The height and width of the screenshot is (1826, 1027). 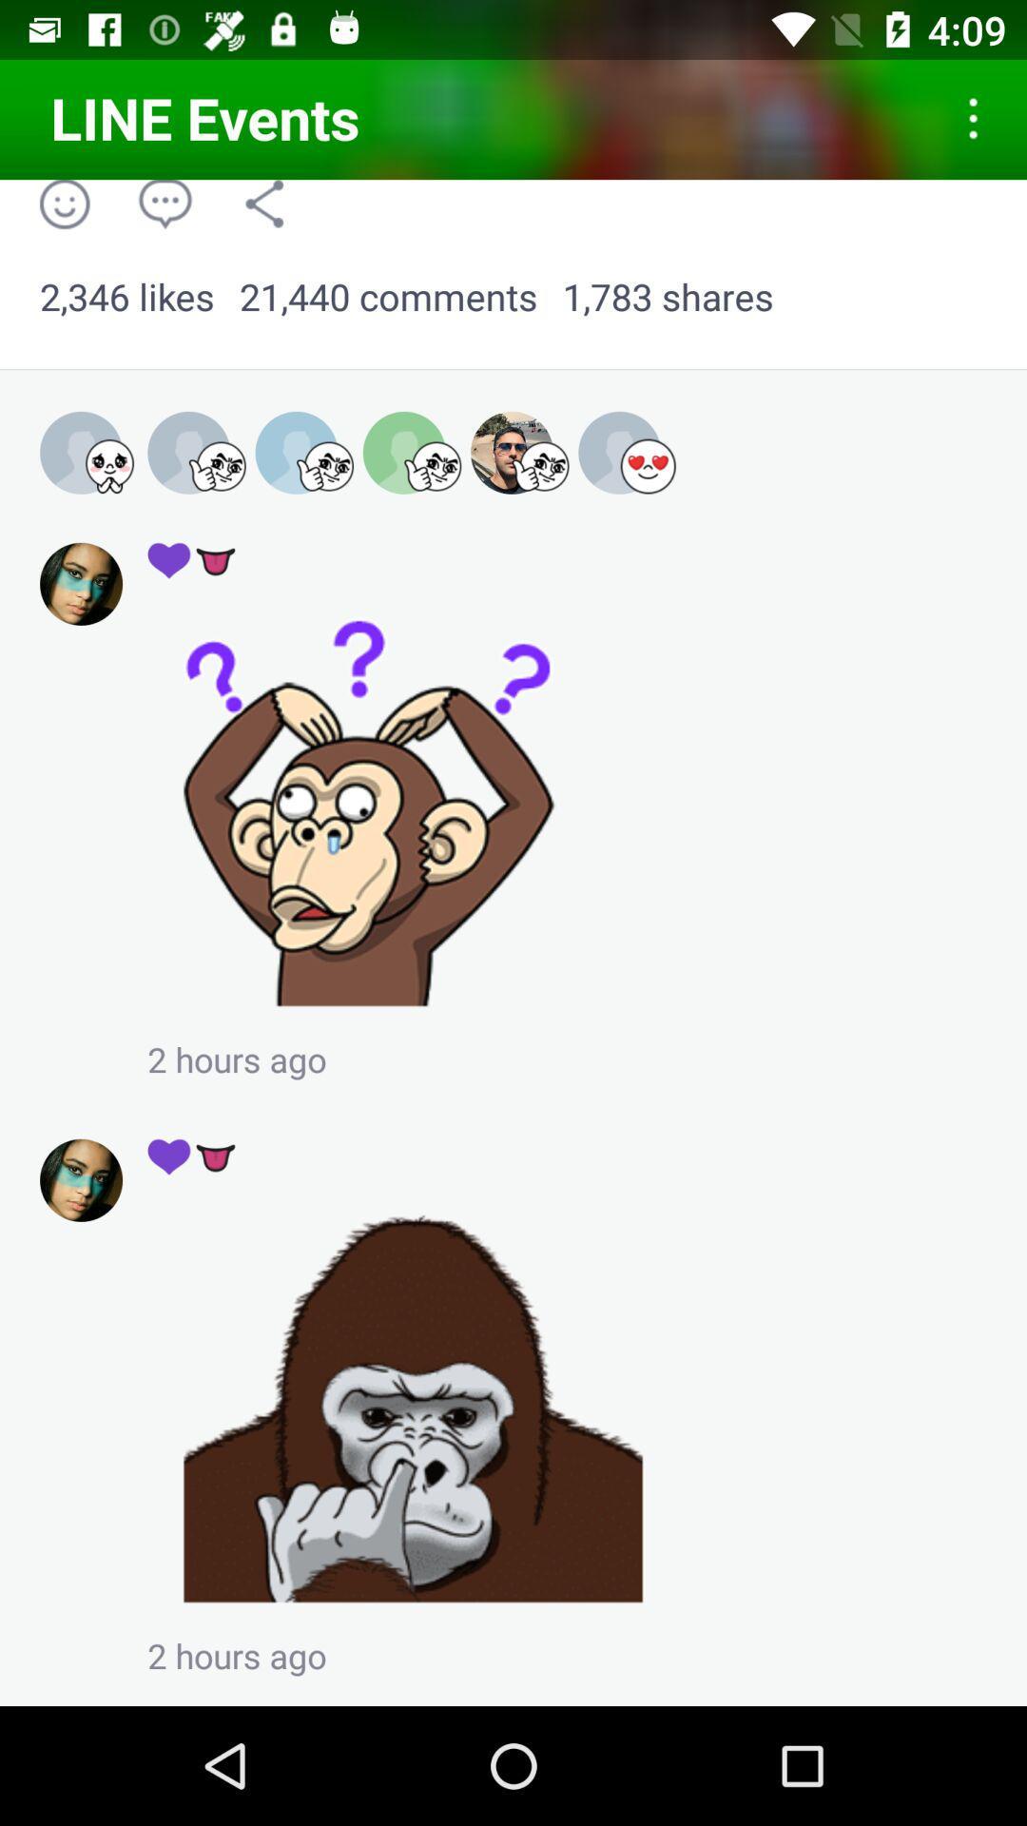 What do you see at coordinates (64, 204) in the screenshot?
I see `the icon above 2,346 likes item` at bounding box center [64, 204].